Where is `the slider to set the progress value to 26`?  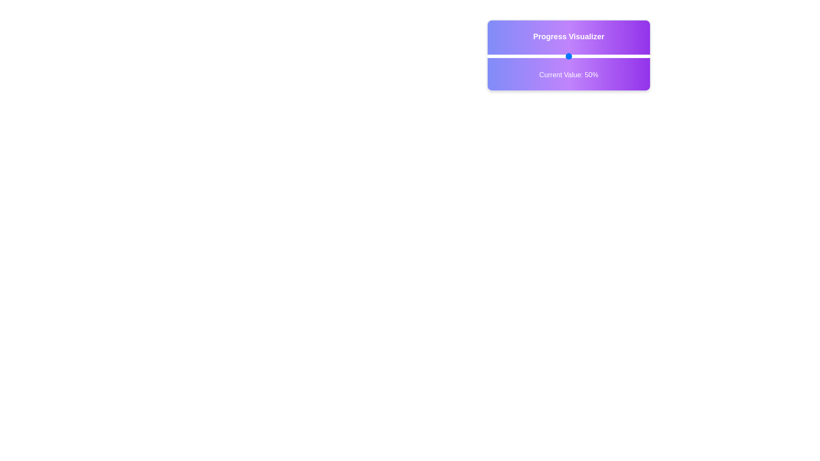
the slider to set the progress value to 26 is located at coordinates (529, 56).